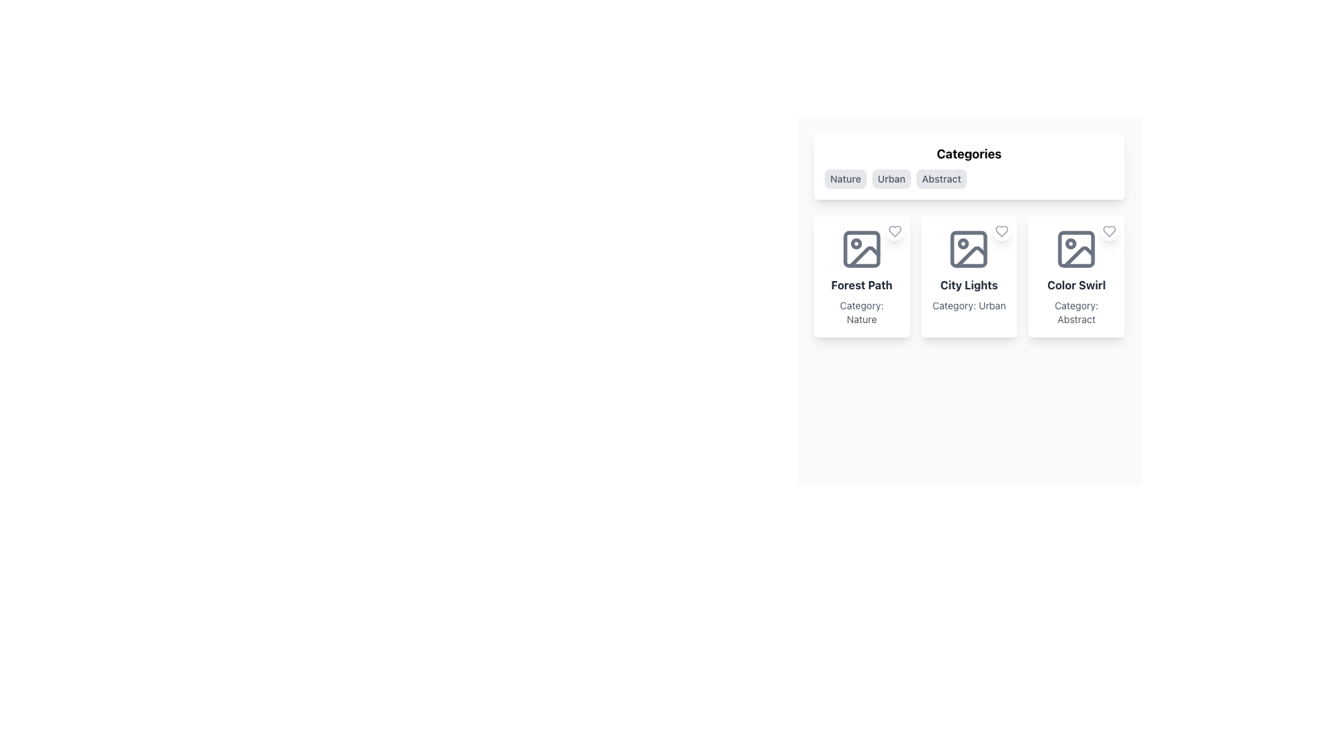  Describe the element at coordinates (1002, 230) in the screenshot. I see `the heart icon button at the top-right of the 'City Lights' card` at that location.